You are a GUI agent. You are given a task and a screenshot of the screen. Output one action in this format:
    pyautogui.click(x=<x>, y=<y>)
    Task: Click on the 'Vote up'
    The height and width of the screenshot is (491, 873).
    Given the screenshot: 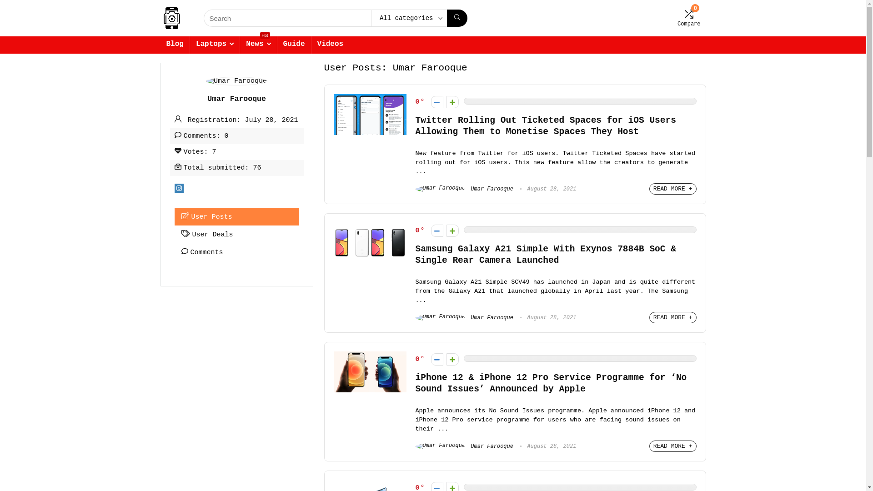 What is the action you would take?
    pyautogui.click(x=452, y=102)
    